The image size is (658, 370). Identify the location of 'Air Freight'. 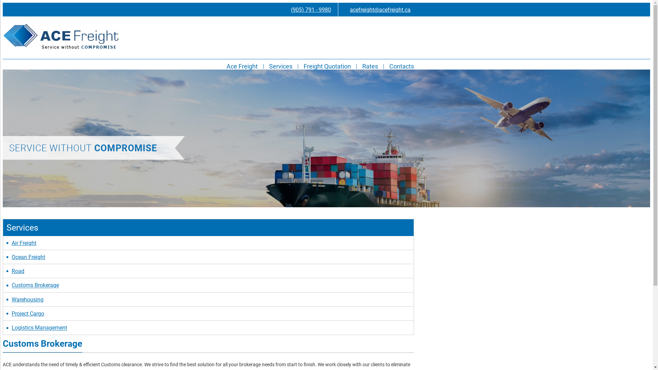
(24, 243).